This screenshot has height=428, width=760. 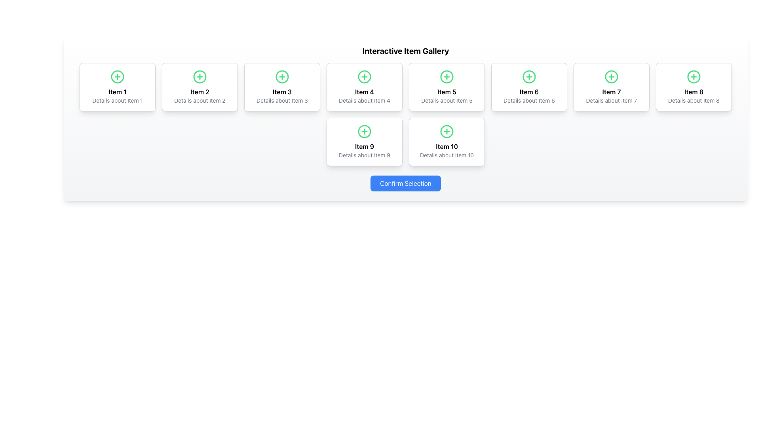 I want to click on the SVG circle element with a green border, part of the plus sign symbol in the seventh item of the gallery, so click(x=611, y=76).